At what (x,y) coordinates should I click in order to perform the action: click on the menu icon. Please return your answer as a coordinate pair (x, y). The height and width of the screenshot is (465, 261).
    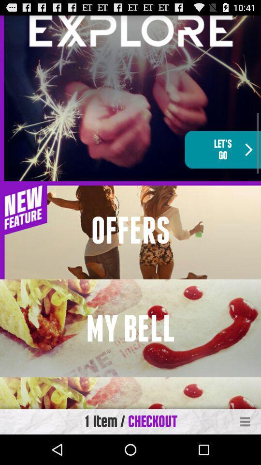
    Looking at the image, I should click on (245, 451).